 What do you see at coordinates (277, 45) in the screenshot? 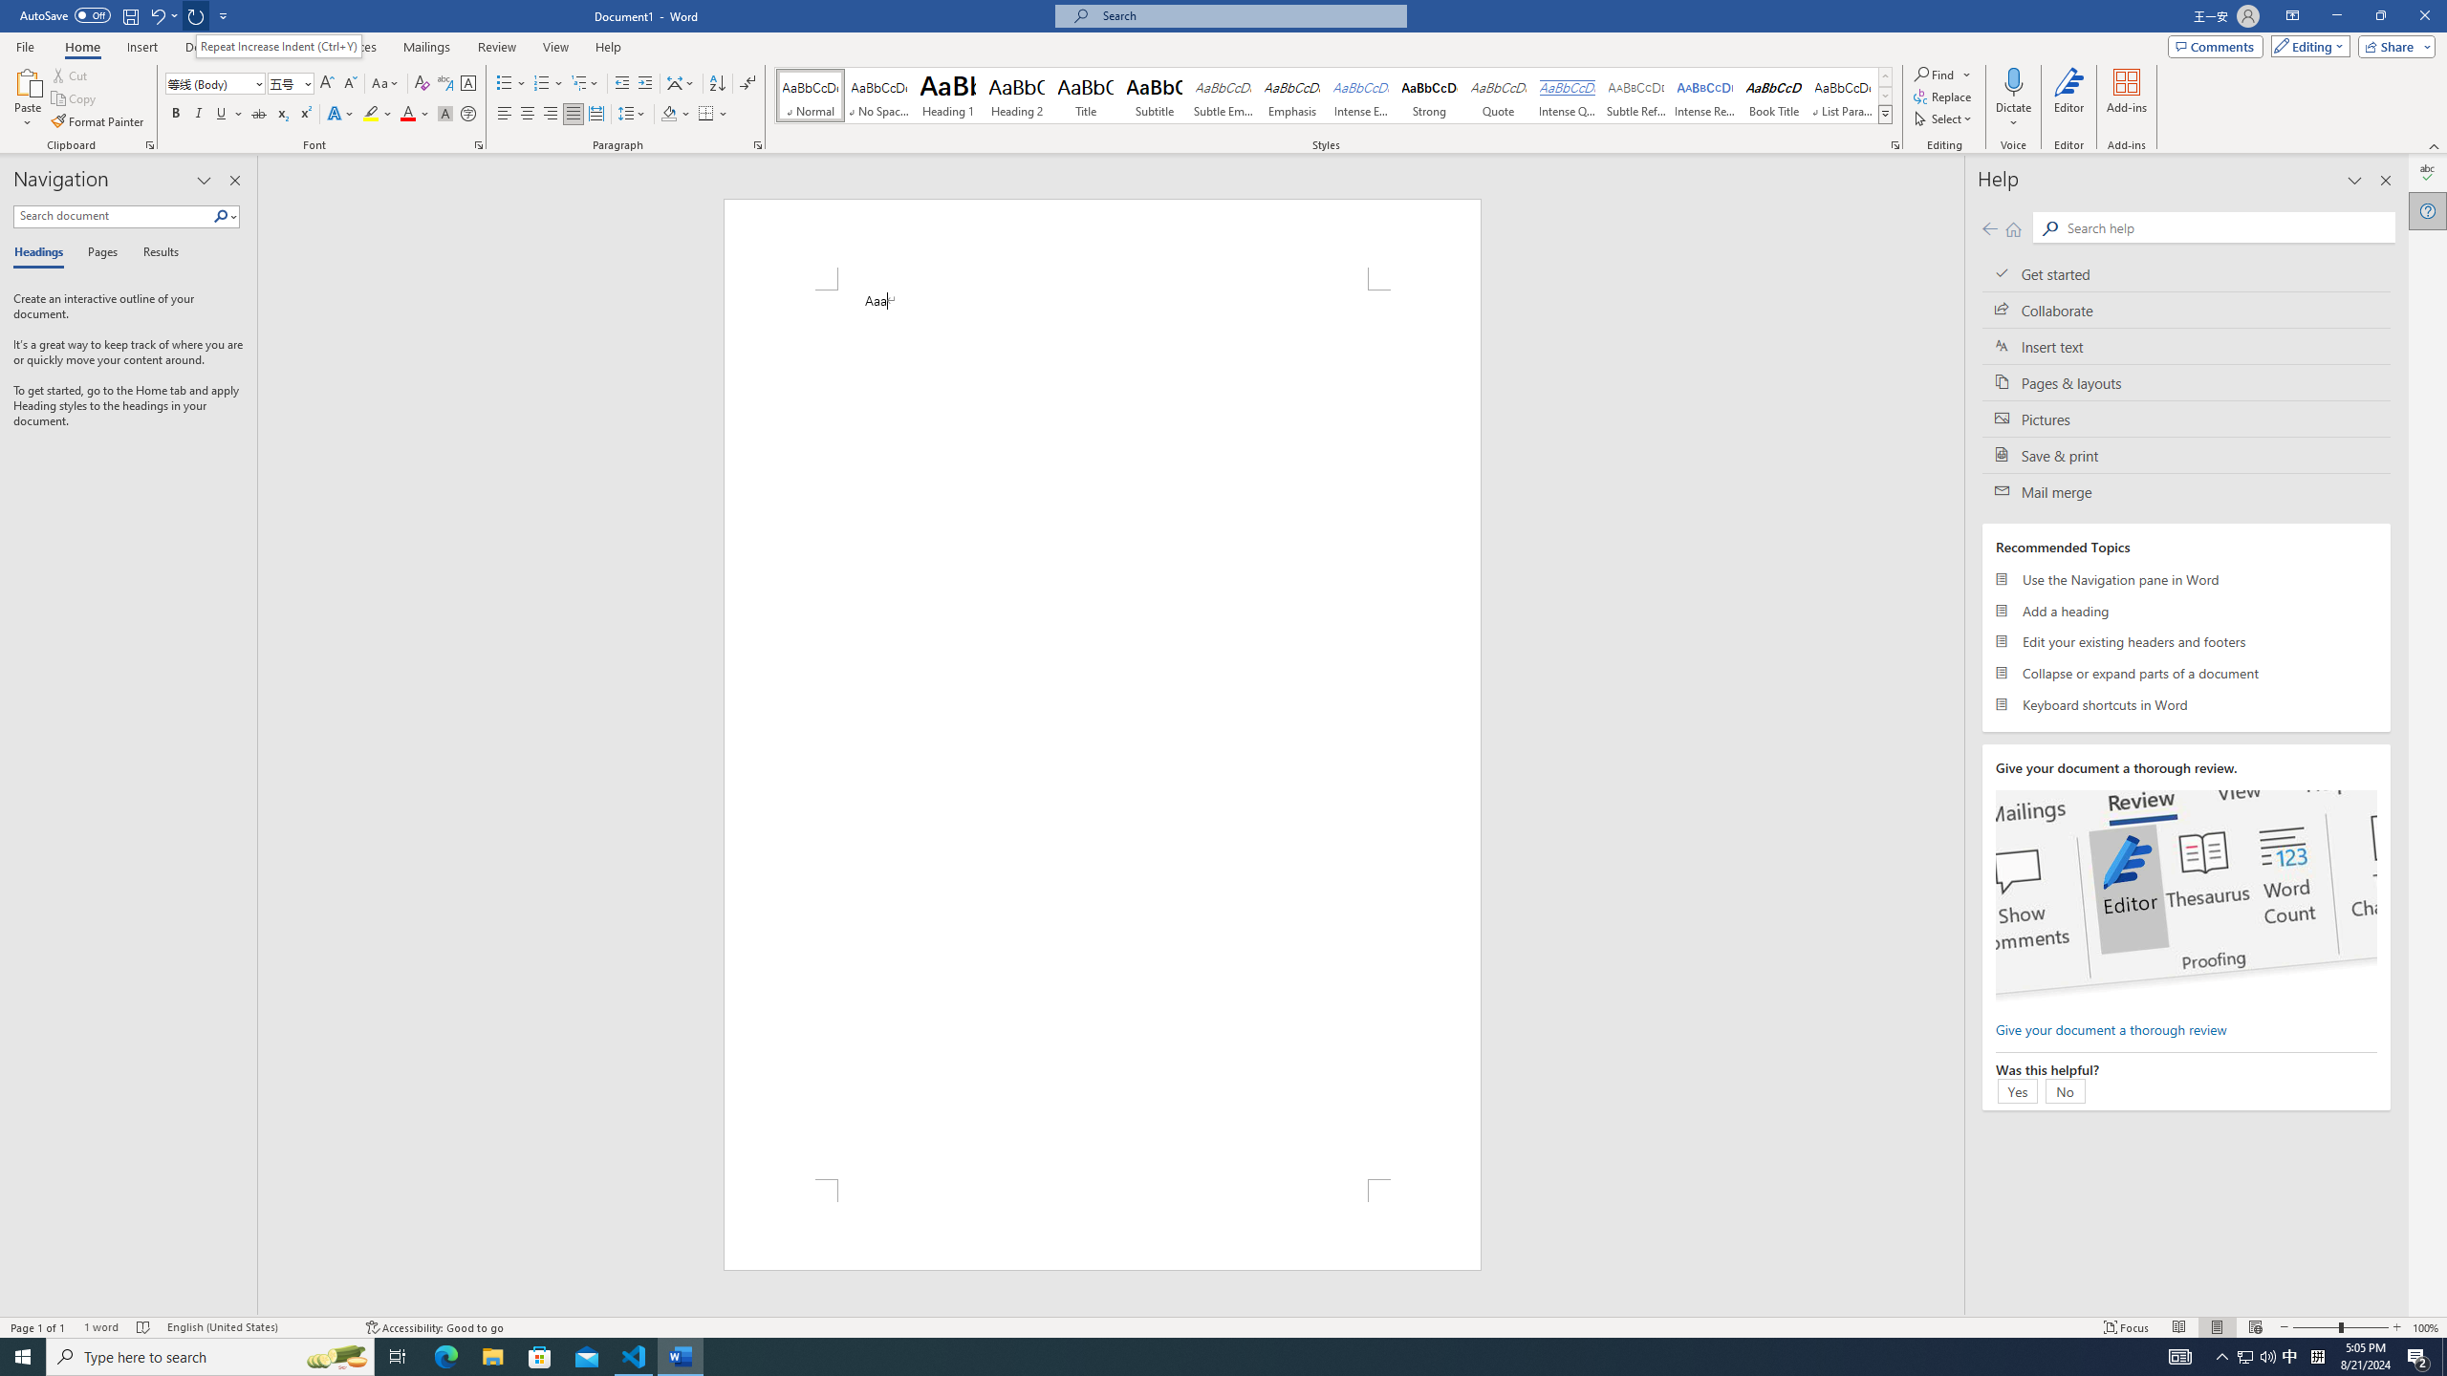
I see `'Repeat Increase Indent (Ctrl+Y)'` at bounding box center [277, 45].